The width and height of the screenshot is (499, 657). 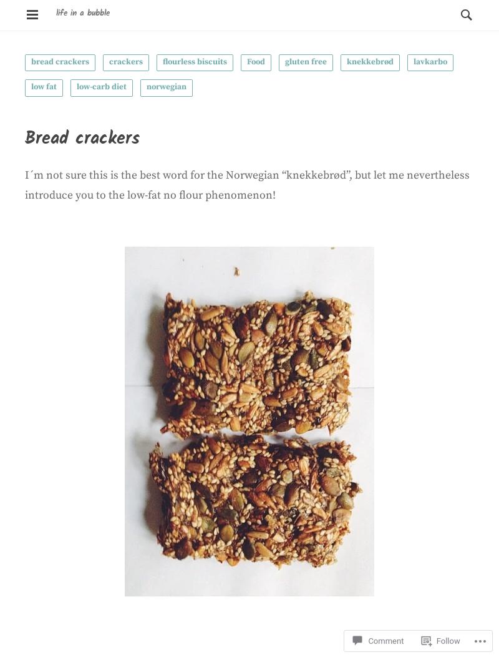 I want to click on 'norwegian', so click(x=165, y=86).